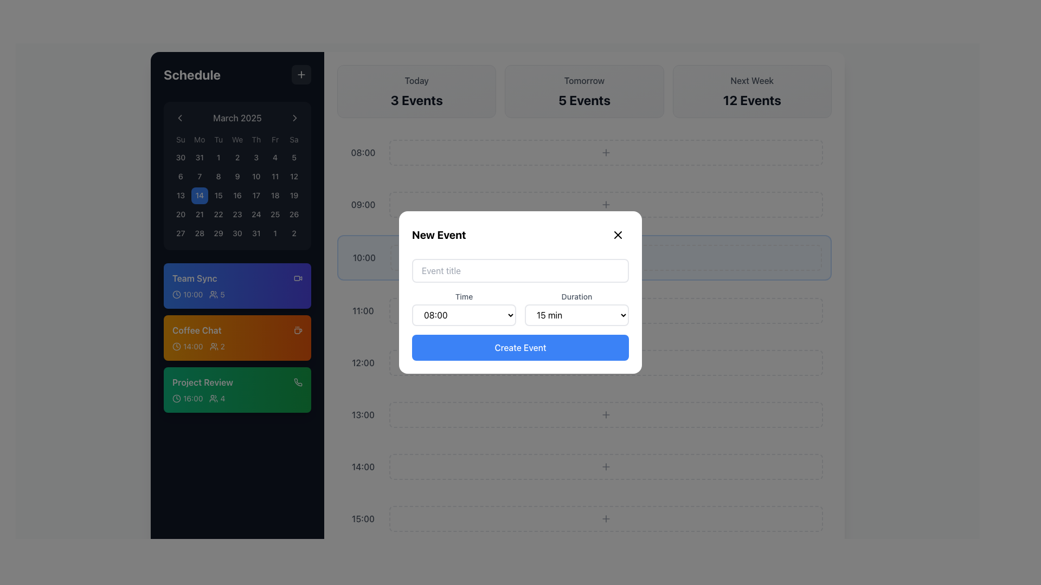 This screenshot has height=585, width=1041. I want to click on the square-shaped button with rounded corners and the number '12' in light text, so click(294, 176).